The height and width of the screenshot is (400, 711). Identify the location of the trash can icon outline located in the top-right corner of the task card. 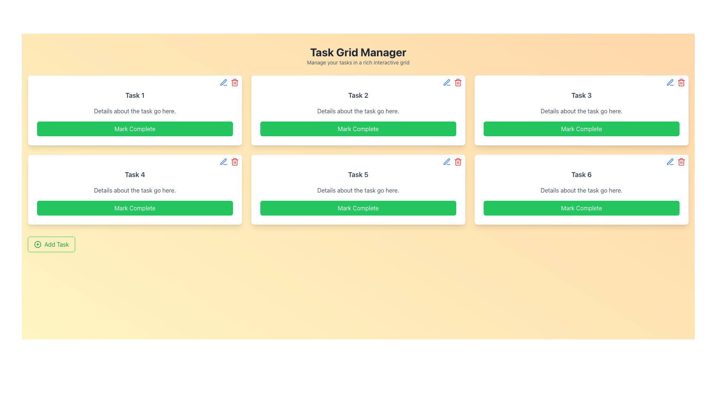
(234, 83).